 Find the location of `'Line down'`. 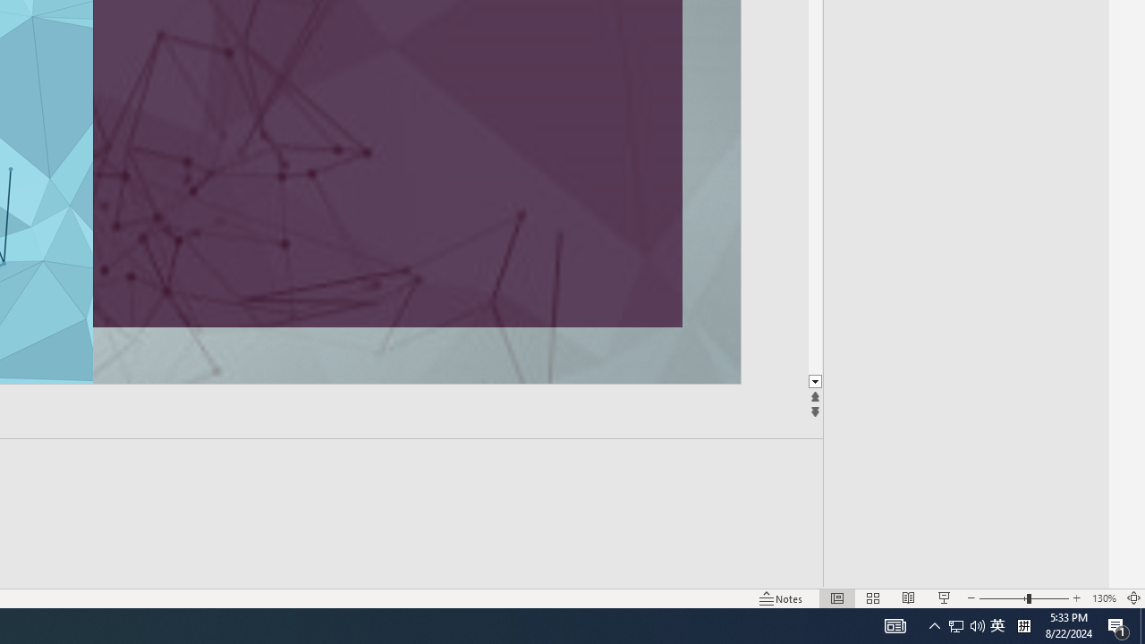

'Line down' is located at coordinates (814, 381).